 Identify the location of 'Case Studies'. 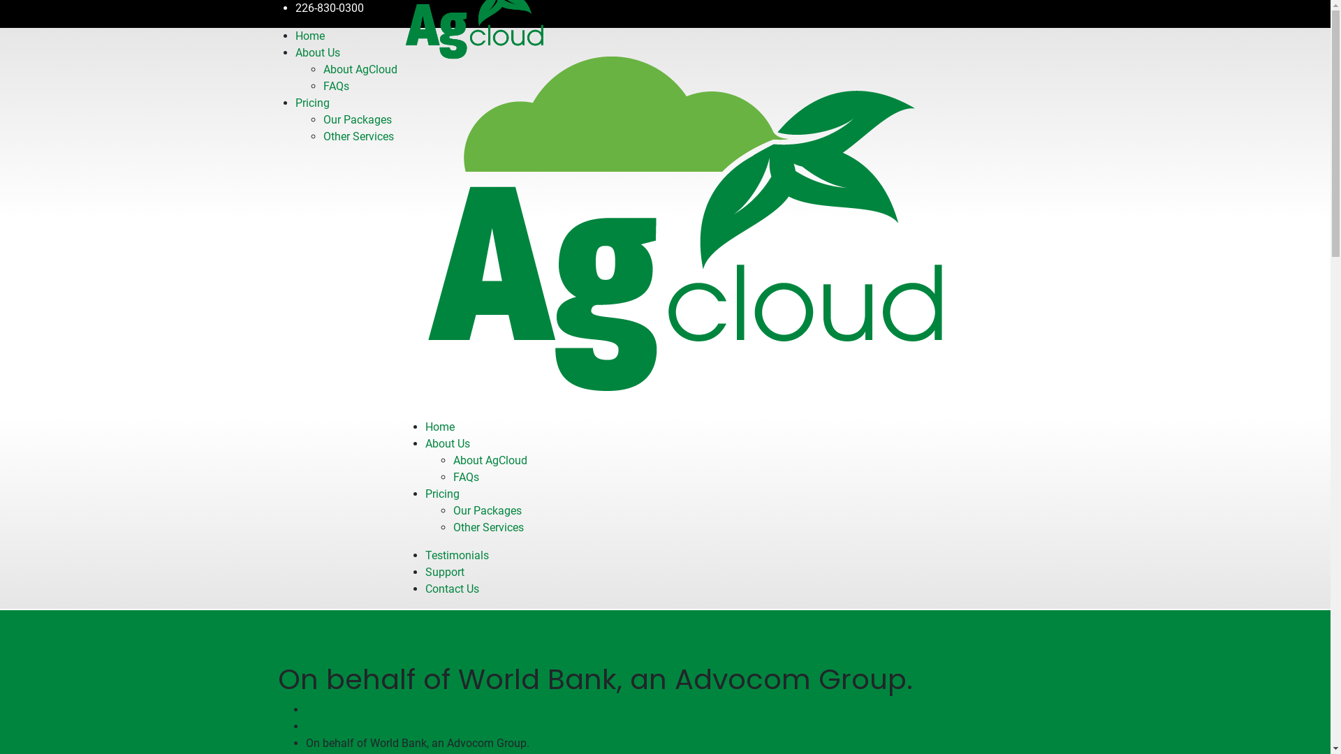
(338, 725).